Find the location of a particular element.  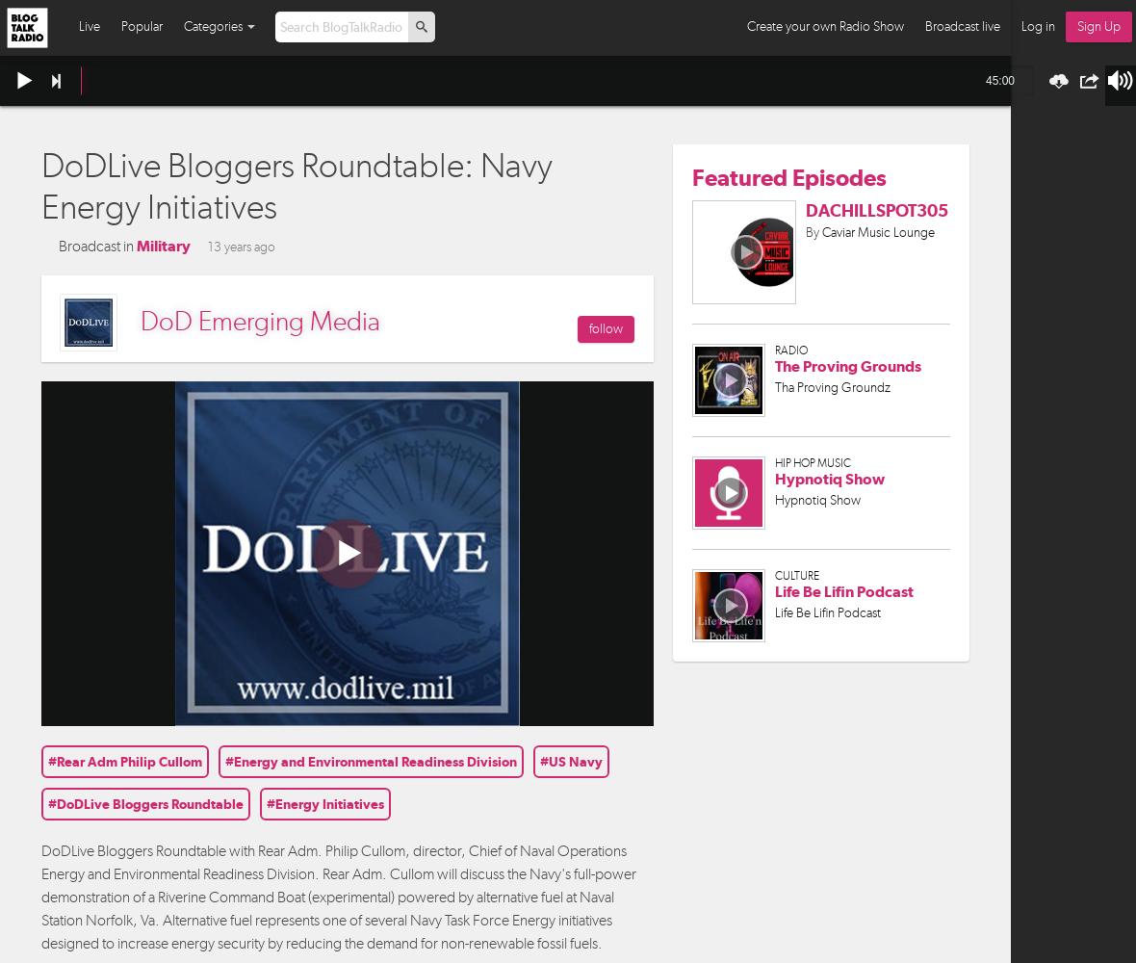

'Log in' is located at coordinates (1038, 26).